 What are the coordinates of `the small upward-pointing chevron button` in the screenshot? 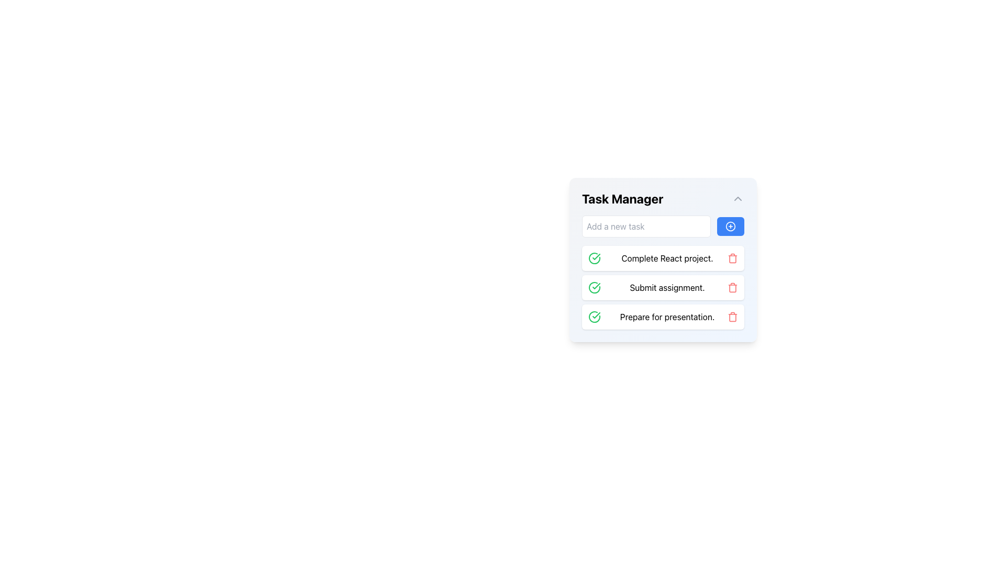 It's located at (738, 199).